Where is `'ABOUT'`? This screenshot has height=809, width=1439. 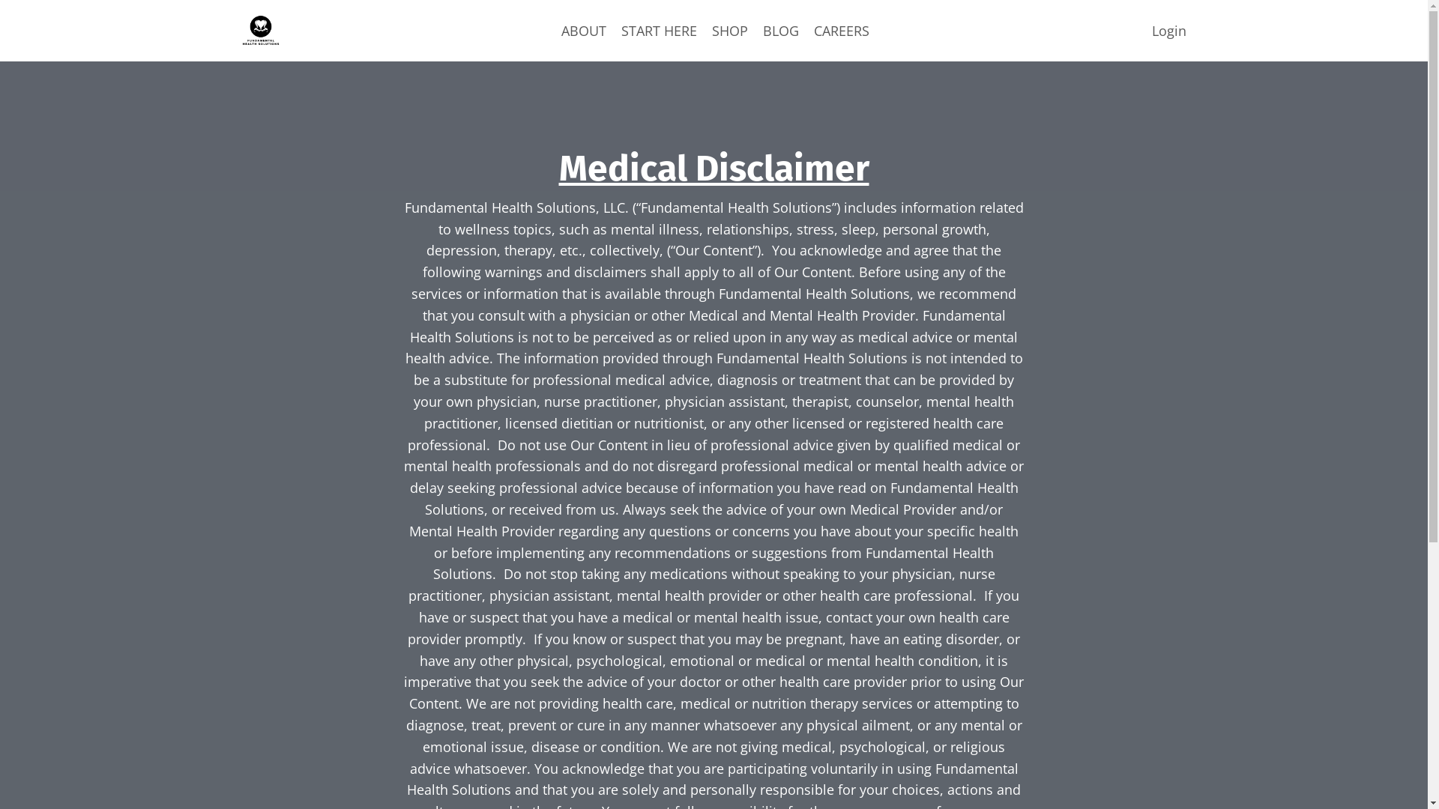
'ABOUT' is located at coordinates (560, 31).